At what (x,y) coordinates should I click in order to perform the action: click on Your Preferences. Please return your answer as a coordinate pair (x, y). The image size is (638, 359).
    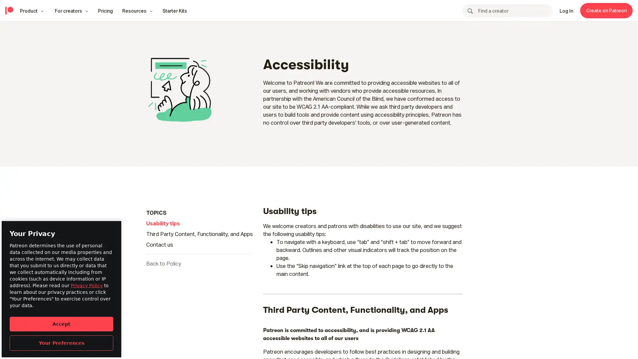
    Looking at the image, I should click on (61, 343).